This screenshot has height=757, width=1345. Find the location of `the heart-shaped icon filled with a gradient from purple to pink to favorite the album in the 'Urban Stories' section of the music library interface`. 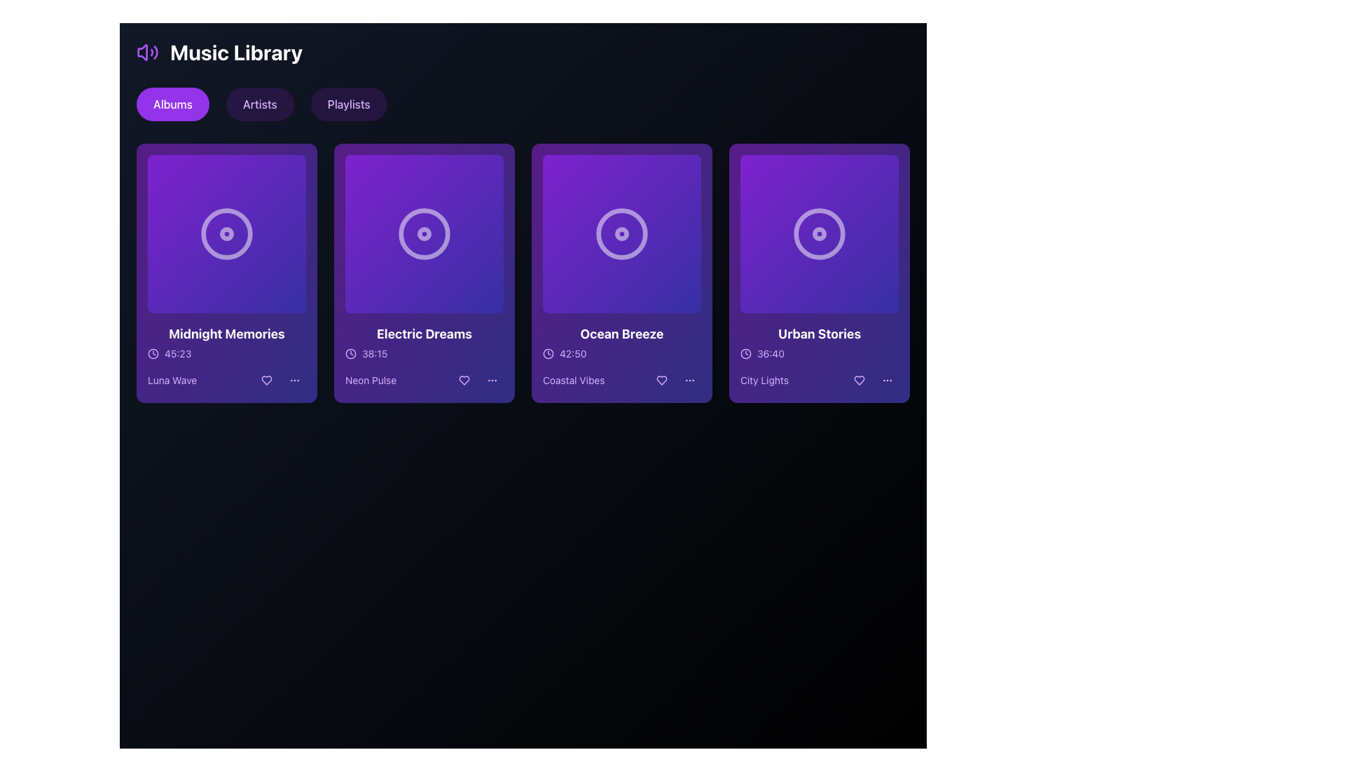

the heart-shaped icon filled with a gradient from purple to pink to favorite the album in the 'Urban Stories' section of the music library interface is located at coordinates (859, 381).